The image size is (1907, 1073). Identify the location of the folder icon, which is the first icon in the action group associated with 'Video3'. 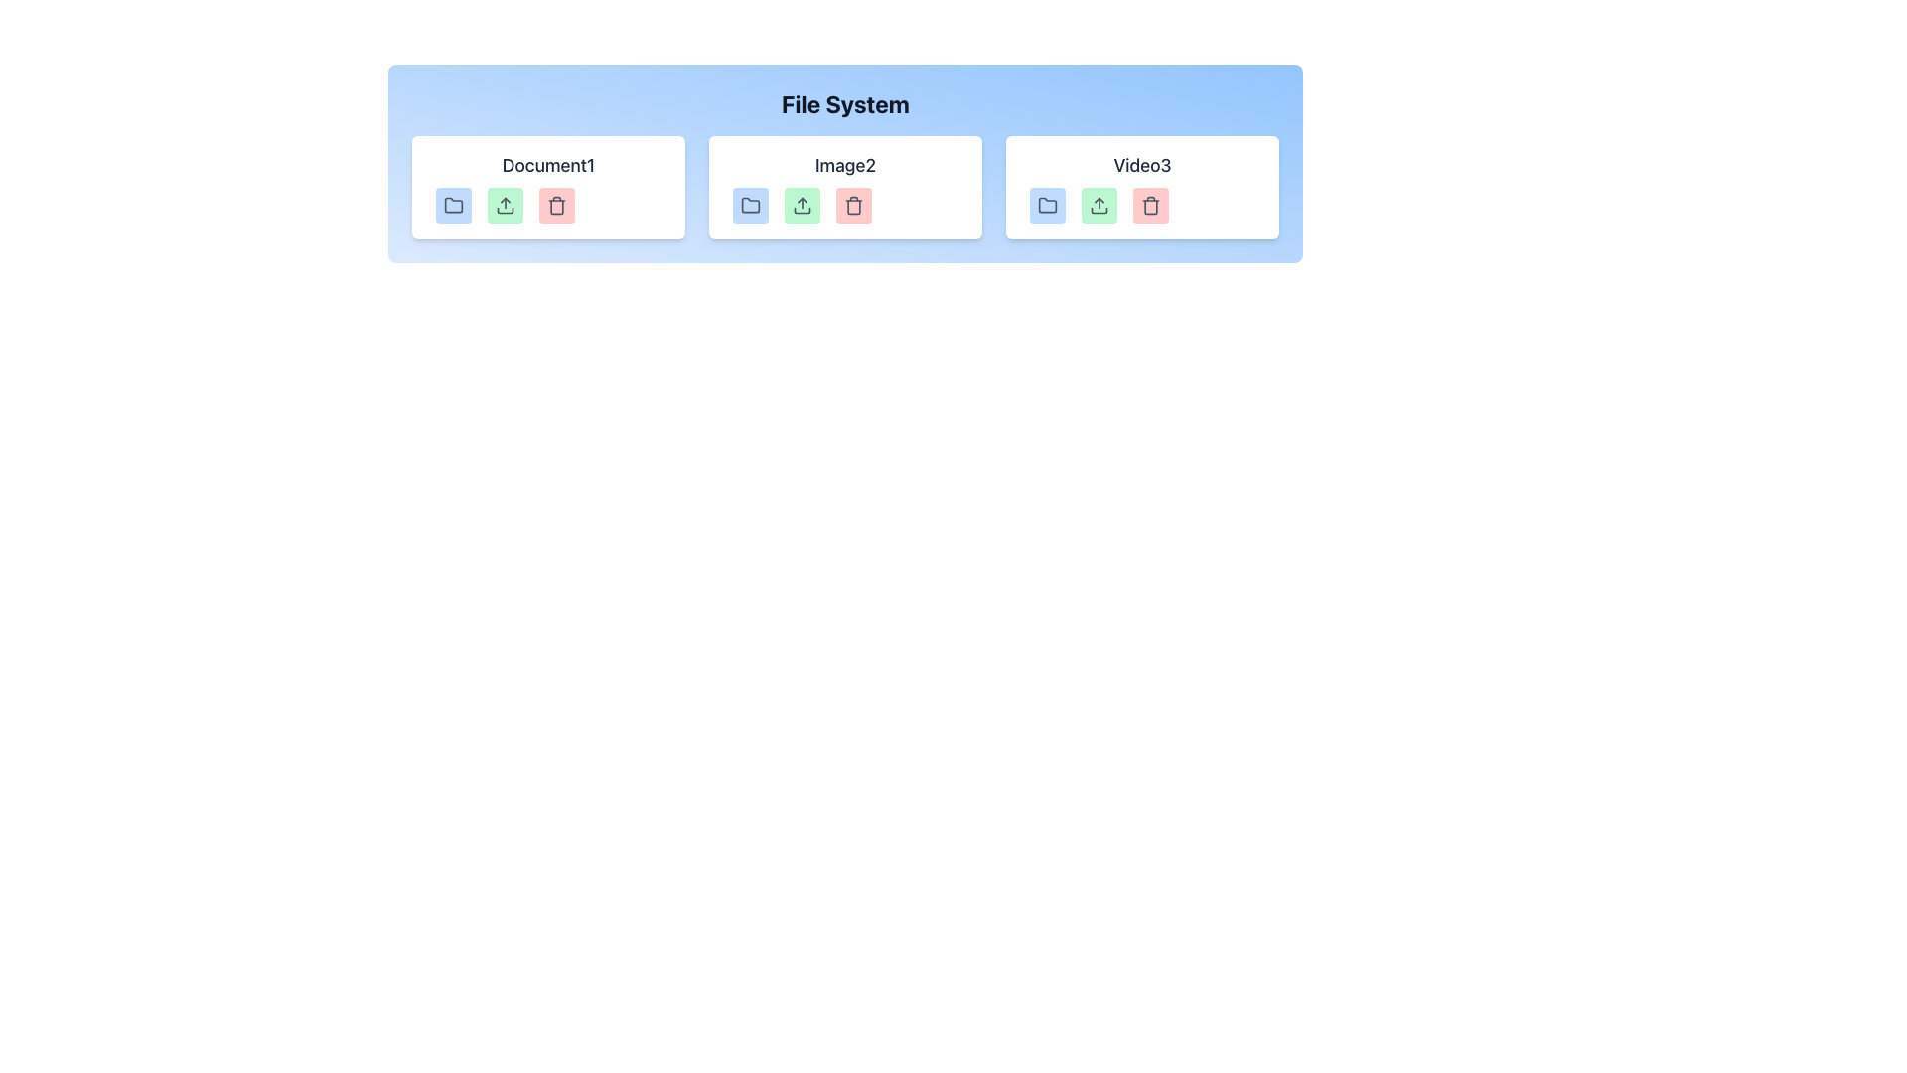
(1047, 204).